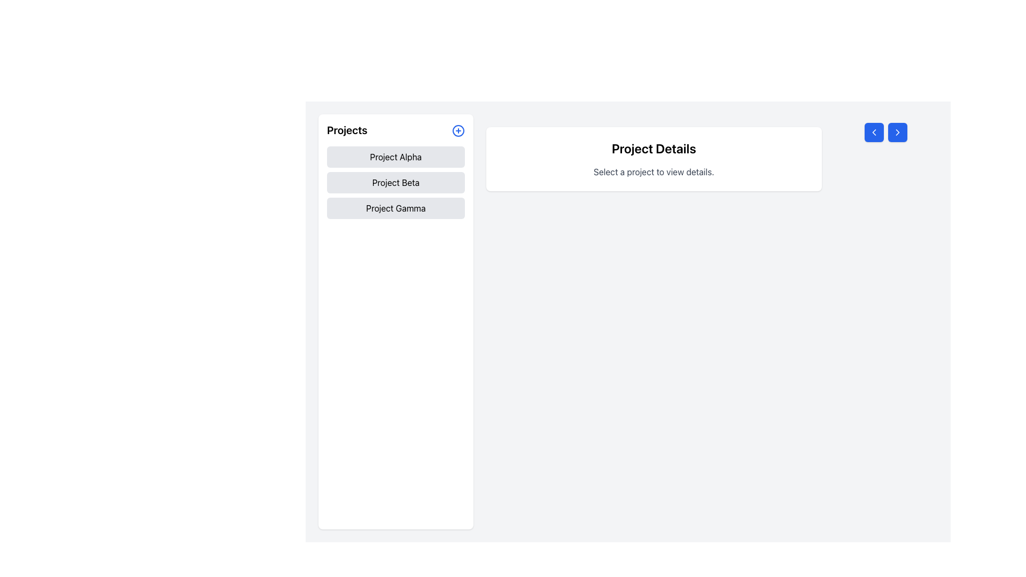  Describe the element at coordinates (395, 157) in the screenshot. I see `the button labeled 'Project Alpha' in the sidebar` at that location.